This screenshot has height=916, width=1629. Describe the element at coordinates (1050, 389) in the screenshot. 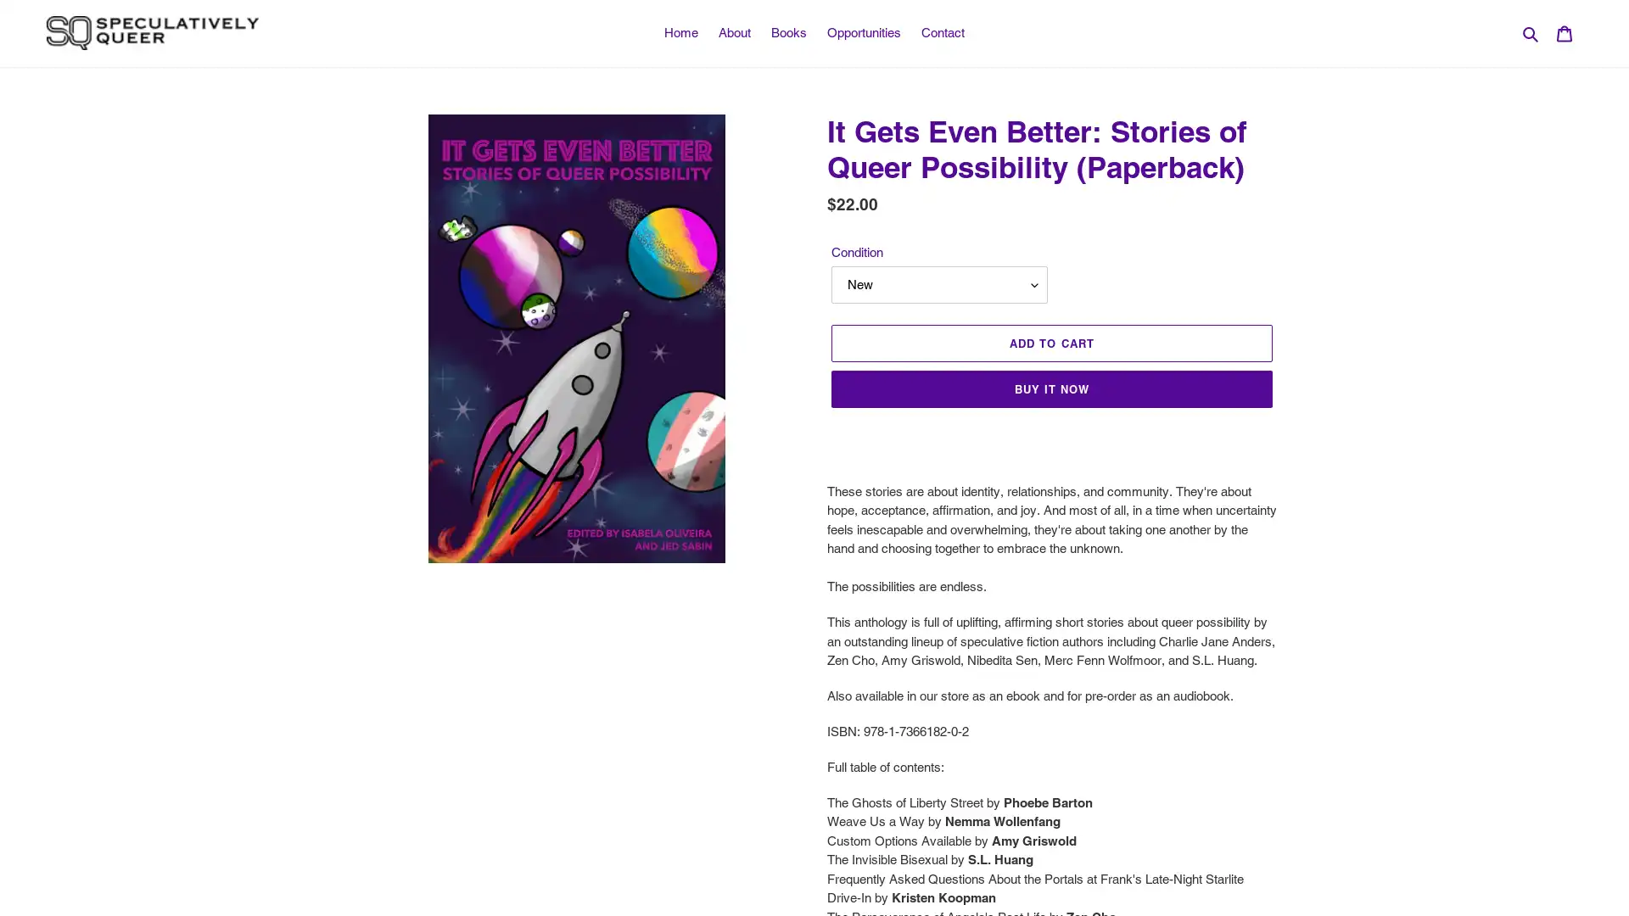

I see `BUY IT NOW` at that location.